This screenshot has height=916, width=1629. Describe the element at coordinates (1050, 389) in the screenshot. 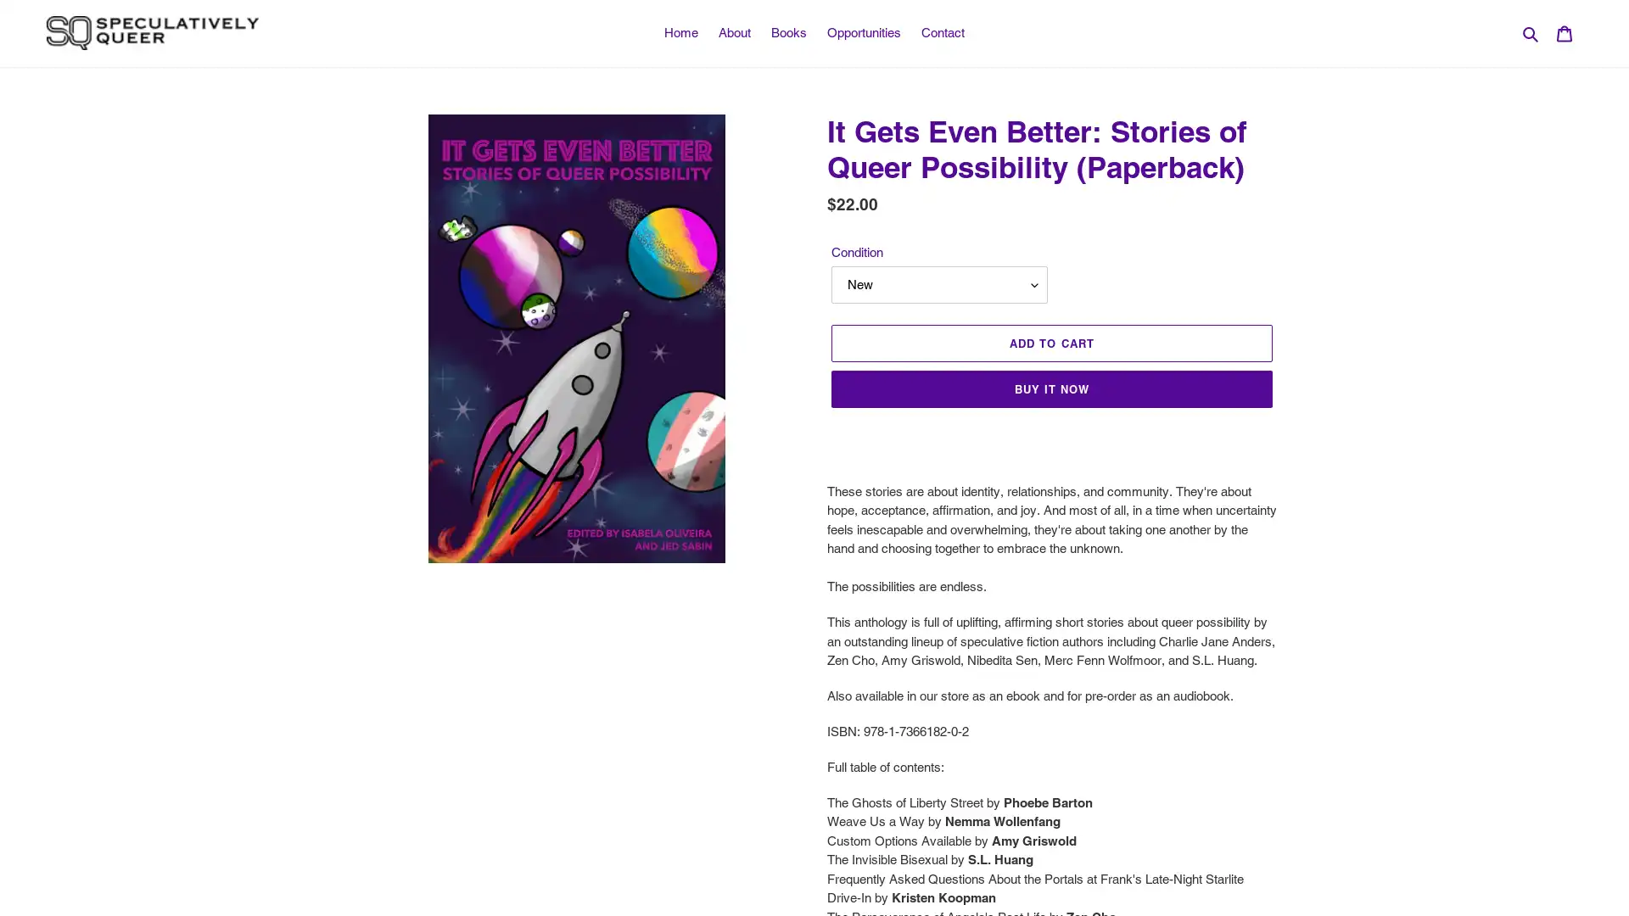

I see `BUY IT NOW` at that location.